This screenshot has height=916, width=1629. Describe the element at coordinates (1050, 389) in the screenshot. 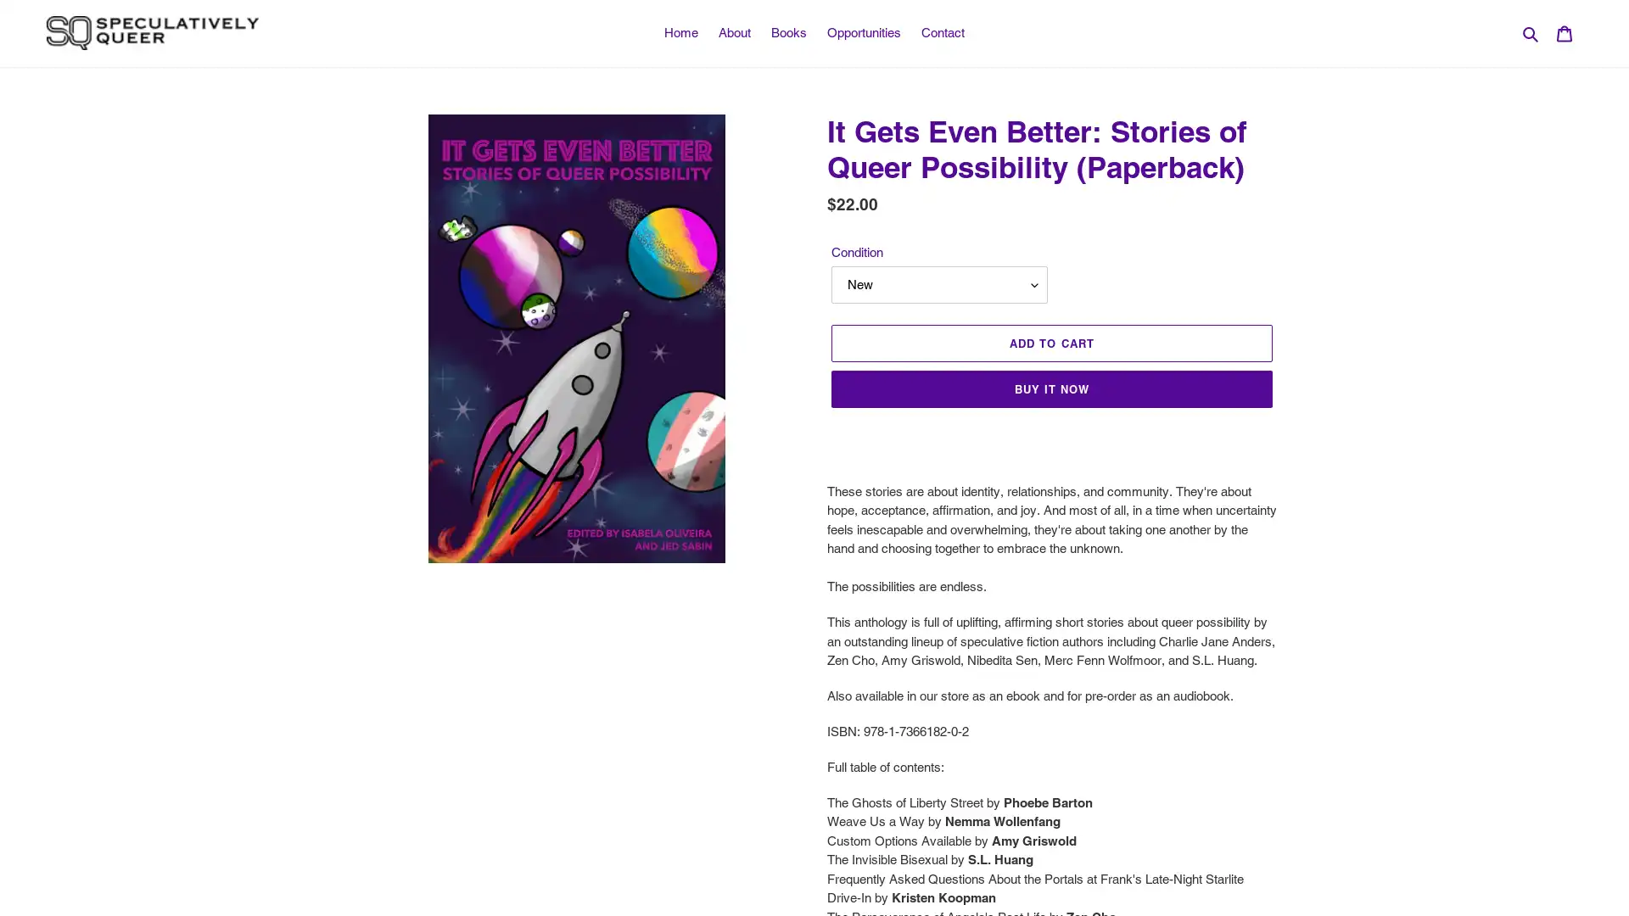

I see `BUY IT NOW` at that location.